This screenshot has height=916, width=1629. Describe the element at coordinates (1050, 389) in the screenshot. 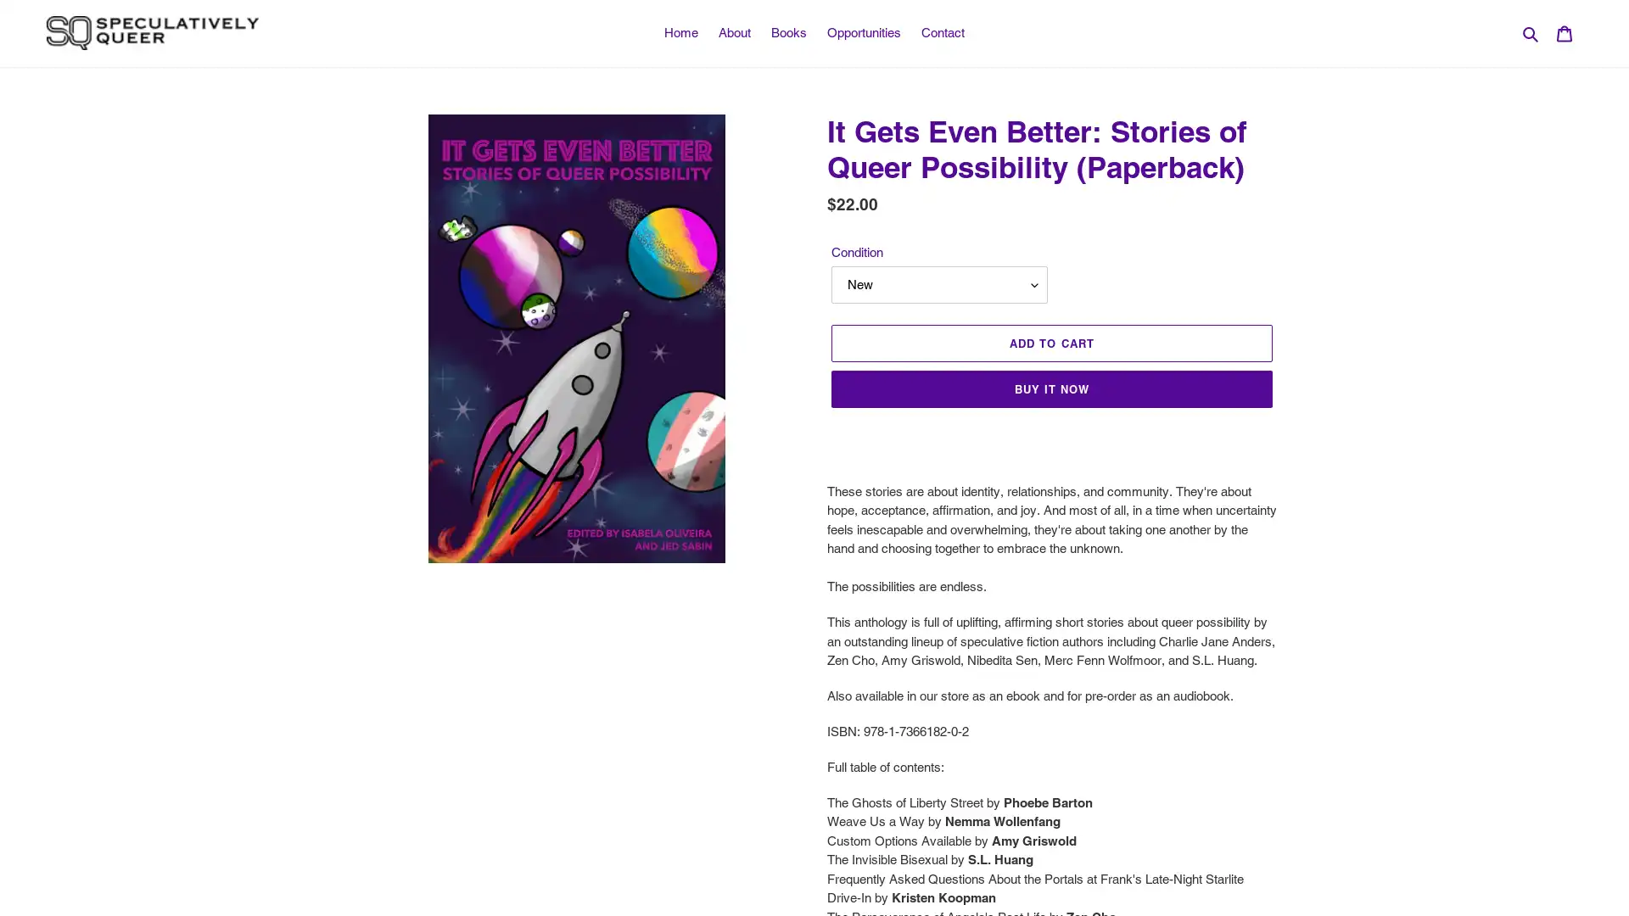

I see `BUY IT NOW` at that location.